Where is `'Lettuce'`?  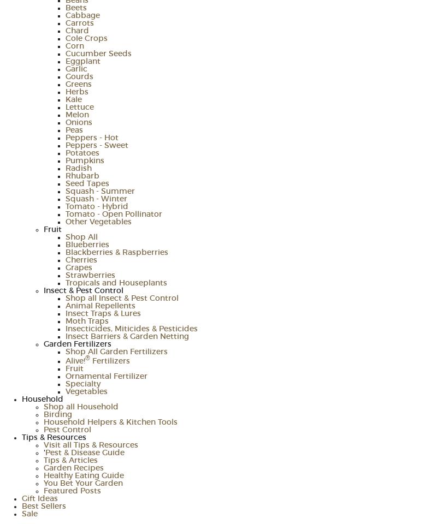 'Lettuce' is located at coordinates (65, 107).